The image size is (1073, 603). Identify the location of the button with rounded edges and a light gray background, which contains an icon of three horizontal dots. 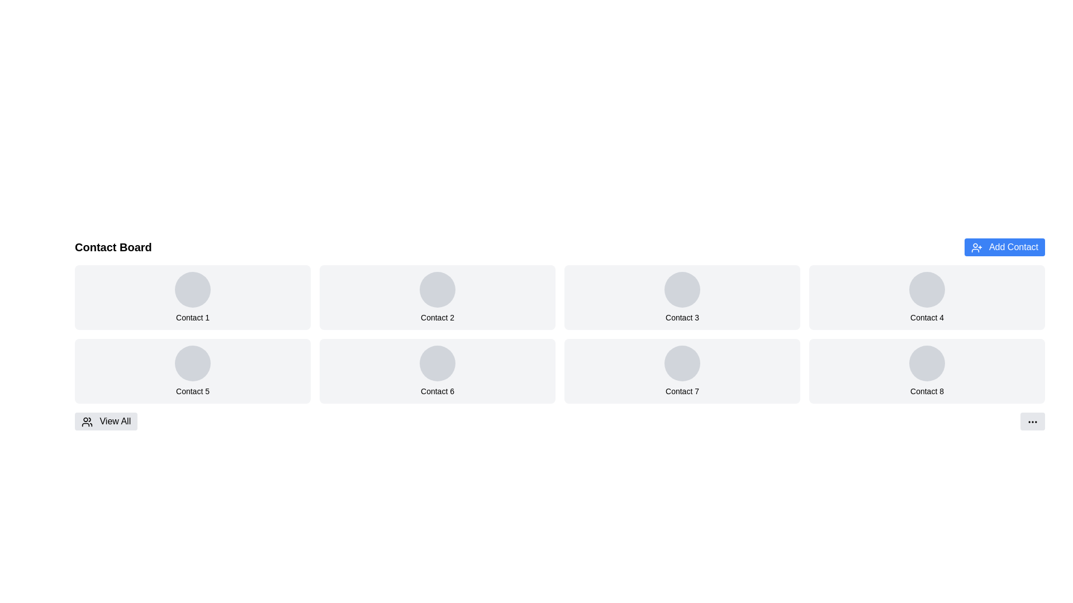
(1032, 422).